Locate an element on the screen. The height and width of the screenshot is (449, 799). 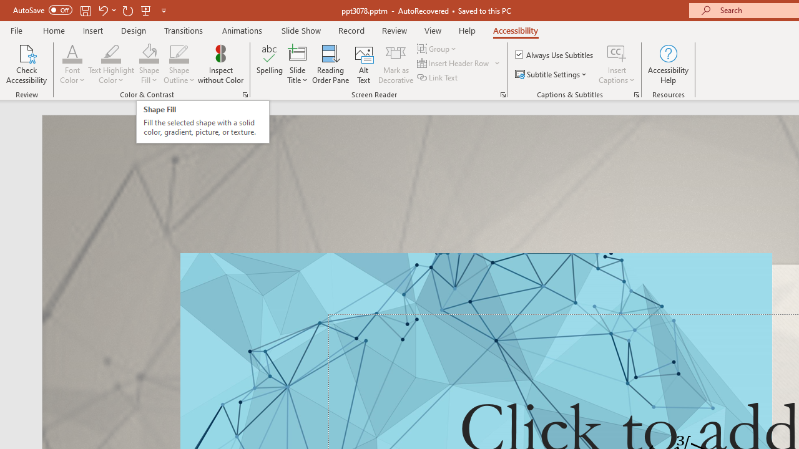
'Mark as Decorative' is located at coordinates (395, 64).